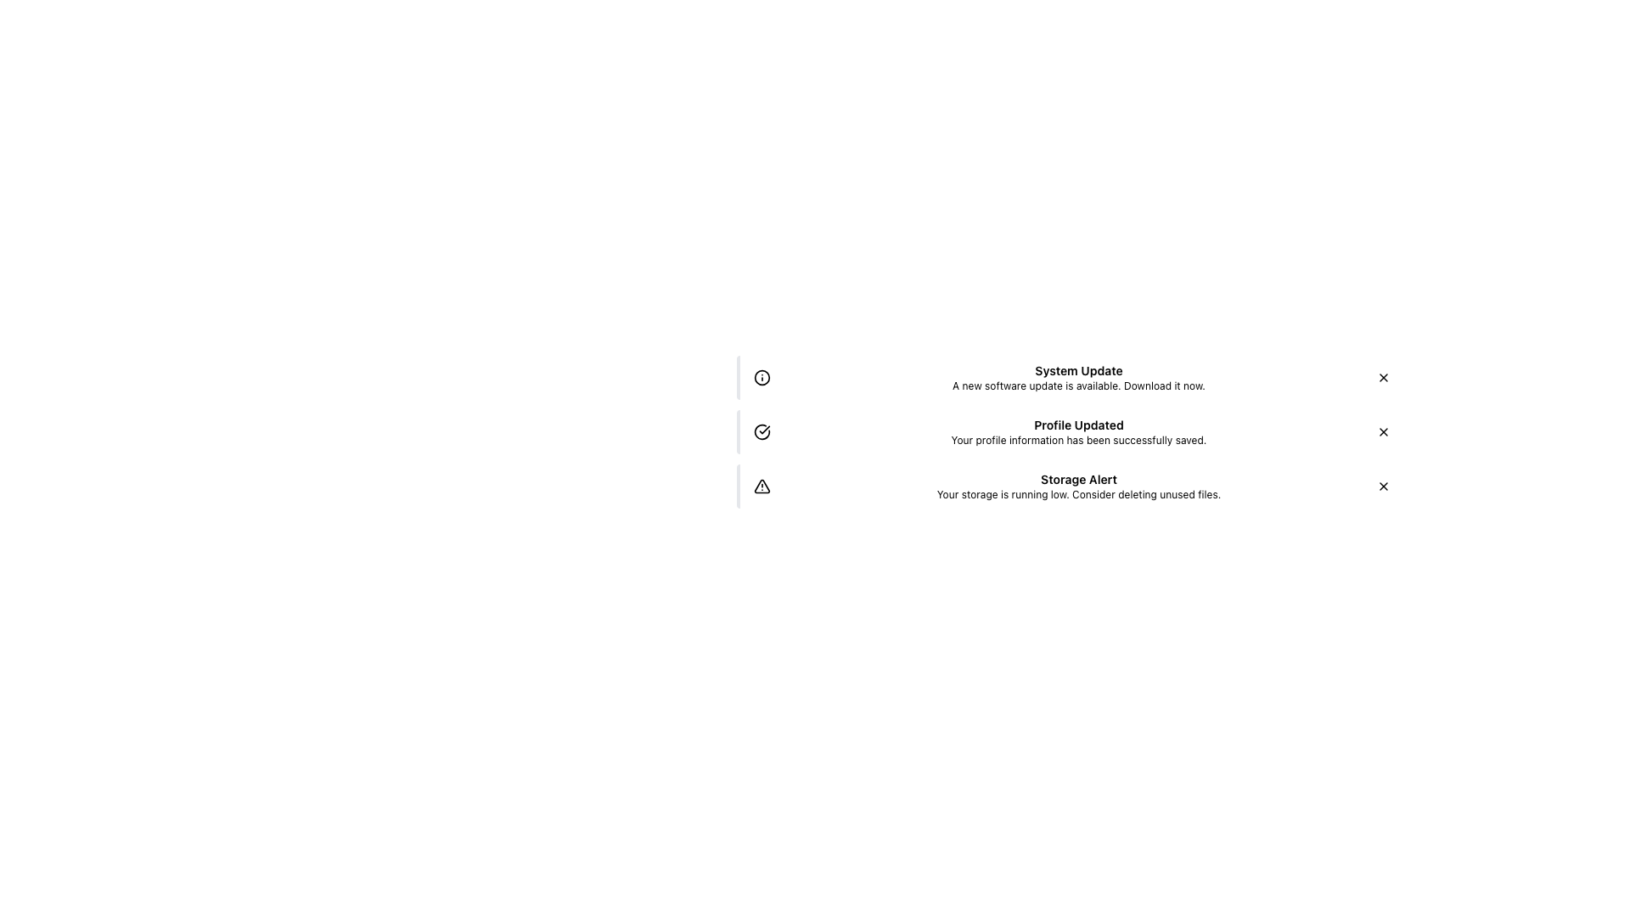 The width and height of the screenshot is (1630, 917). Describe the element at coordinates (1078, 440) in the screenshot. I see `the static text element that states 'Your profile information has been successfully saved.' which is displayed in a smaller font size and a subtle red color, located below the 'Profile Updated' message` at that location.